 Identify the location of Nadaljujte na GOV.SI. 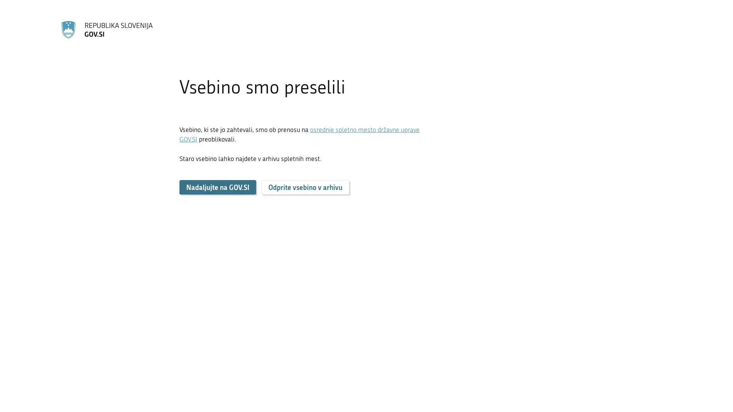
(217, 187).